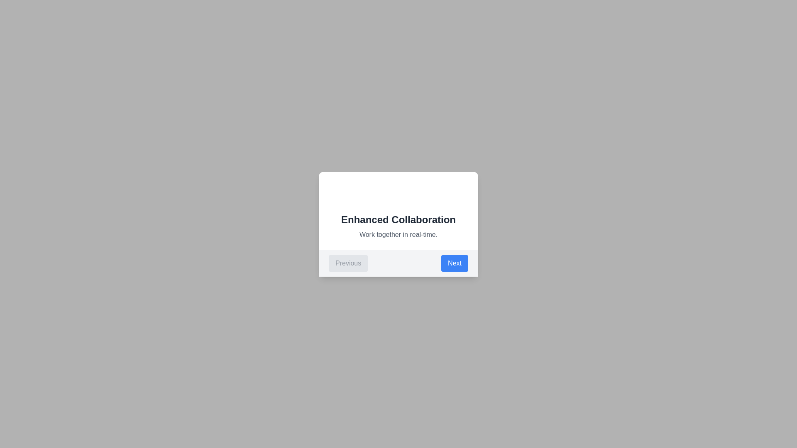  What do you see at coordinates (398, 234) in the screenshot?
I see `the description text located directly beneath the bold heading 'Enhanced Collaboration' within the card-like interface` at bounding box center [398, 234].